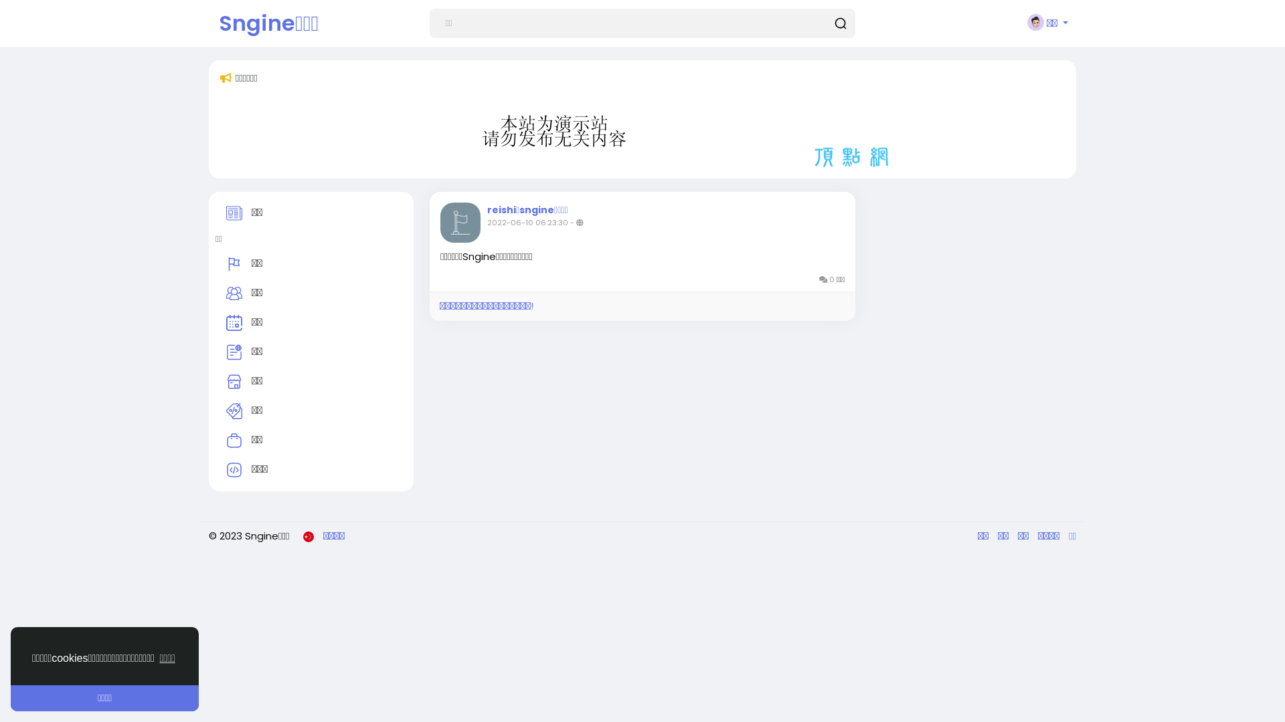 The width and height of the screenshot is (1285, 722). Describe the element at coordinates (527, 221) in the screenshot. I see `'2022-06-10 06:23:30'` at that location.